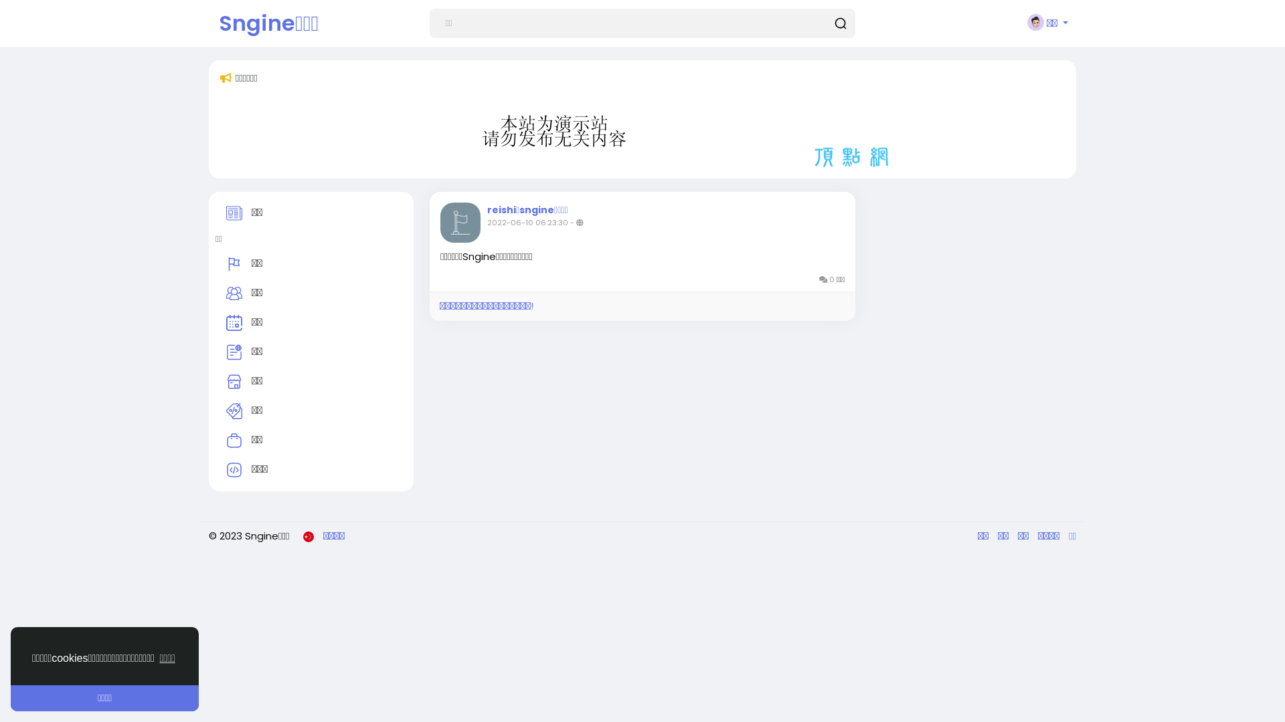 The width and height of the screenshot is (1285, 722). Describe the element at coordinates (527, 221) in the screenshot. I see `'2022-06-10 06:23:30'` at that location.